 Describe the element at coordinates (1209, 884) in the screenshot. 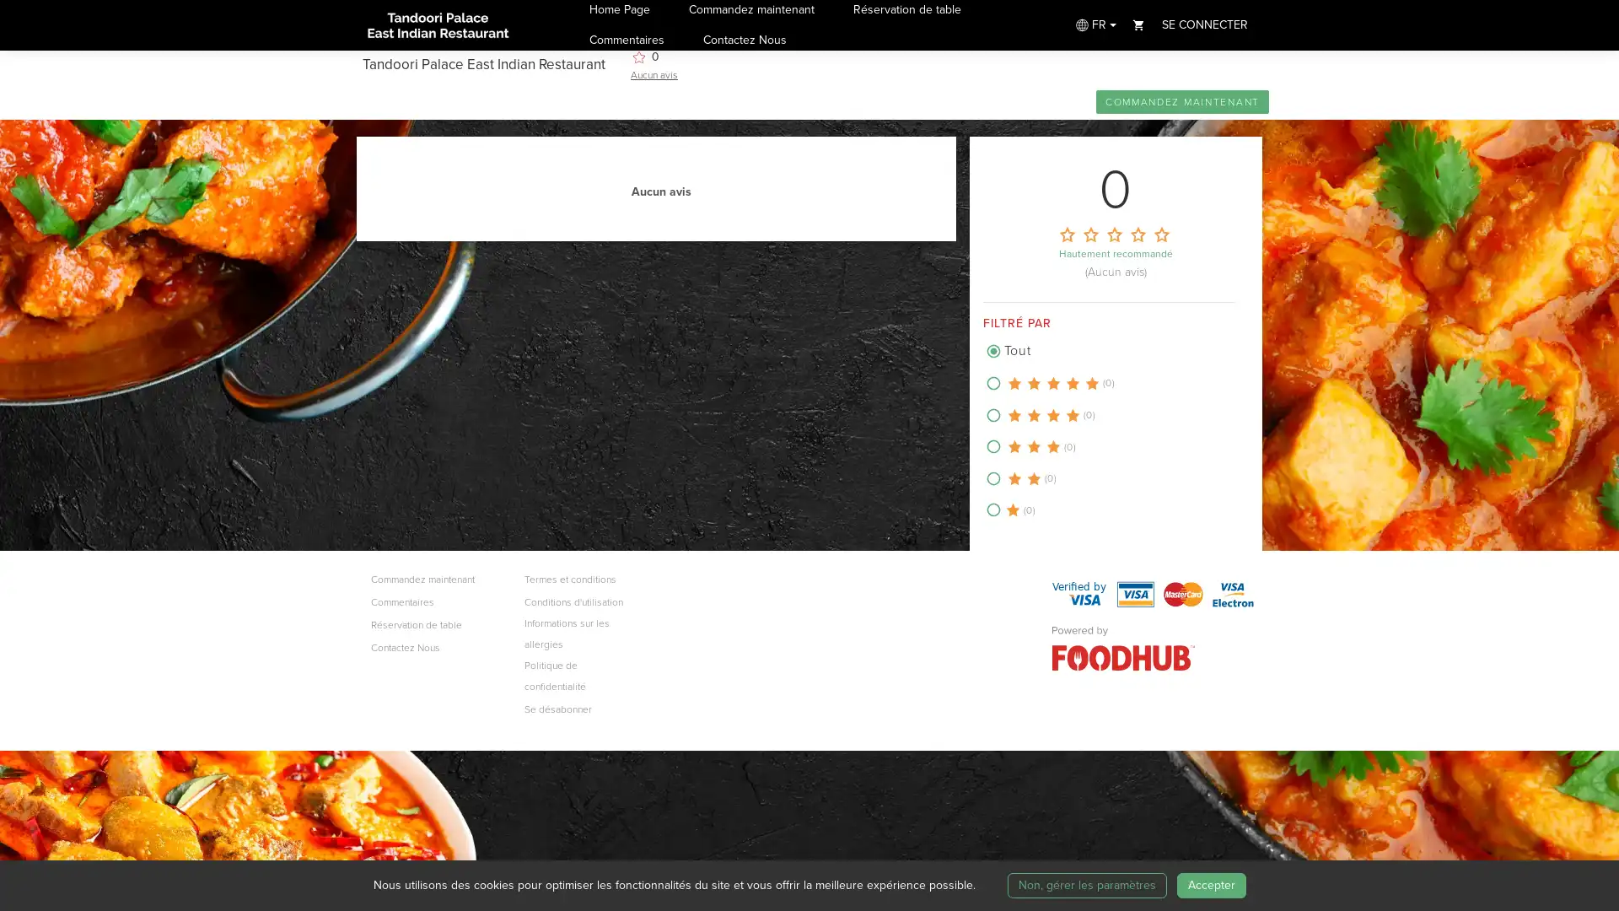

I see `Accepter` at that location.